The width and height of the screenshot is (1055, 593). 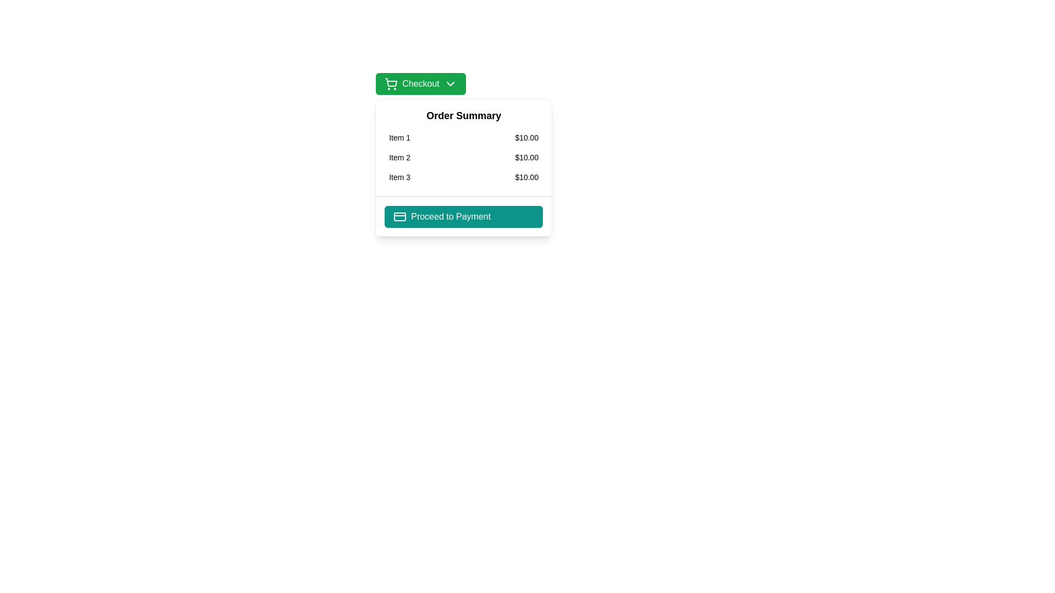 What do you see at coordinates (399, 157) in the screenshot?
I see `the text label displaying 'Item 2' in the 'Order Summary' section` at bounding box center [399, 157].